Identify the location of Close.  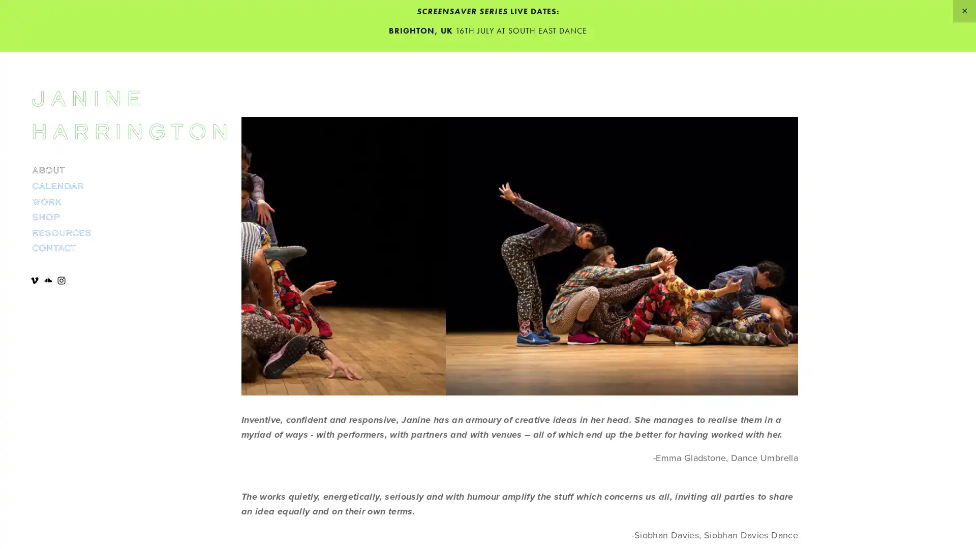
(924, 302).